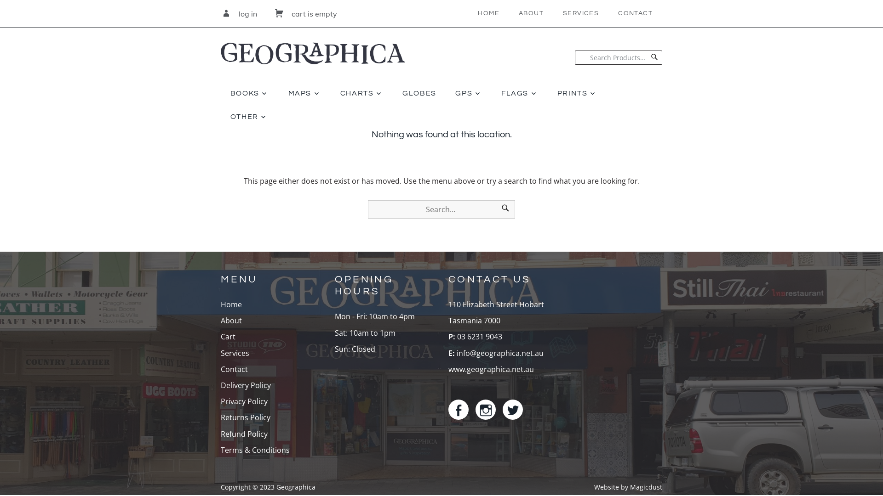 This screenshot has height=496, width=883. What do you see at coordinates (273, 14) in the screenshot?
I see `'cart is empty'` at bounding box center [273, 14].